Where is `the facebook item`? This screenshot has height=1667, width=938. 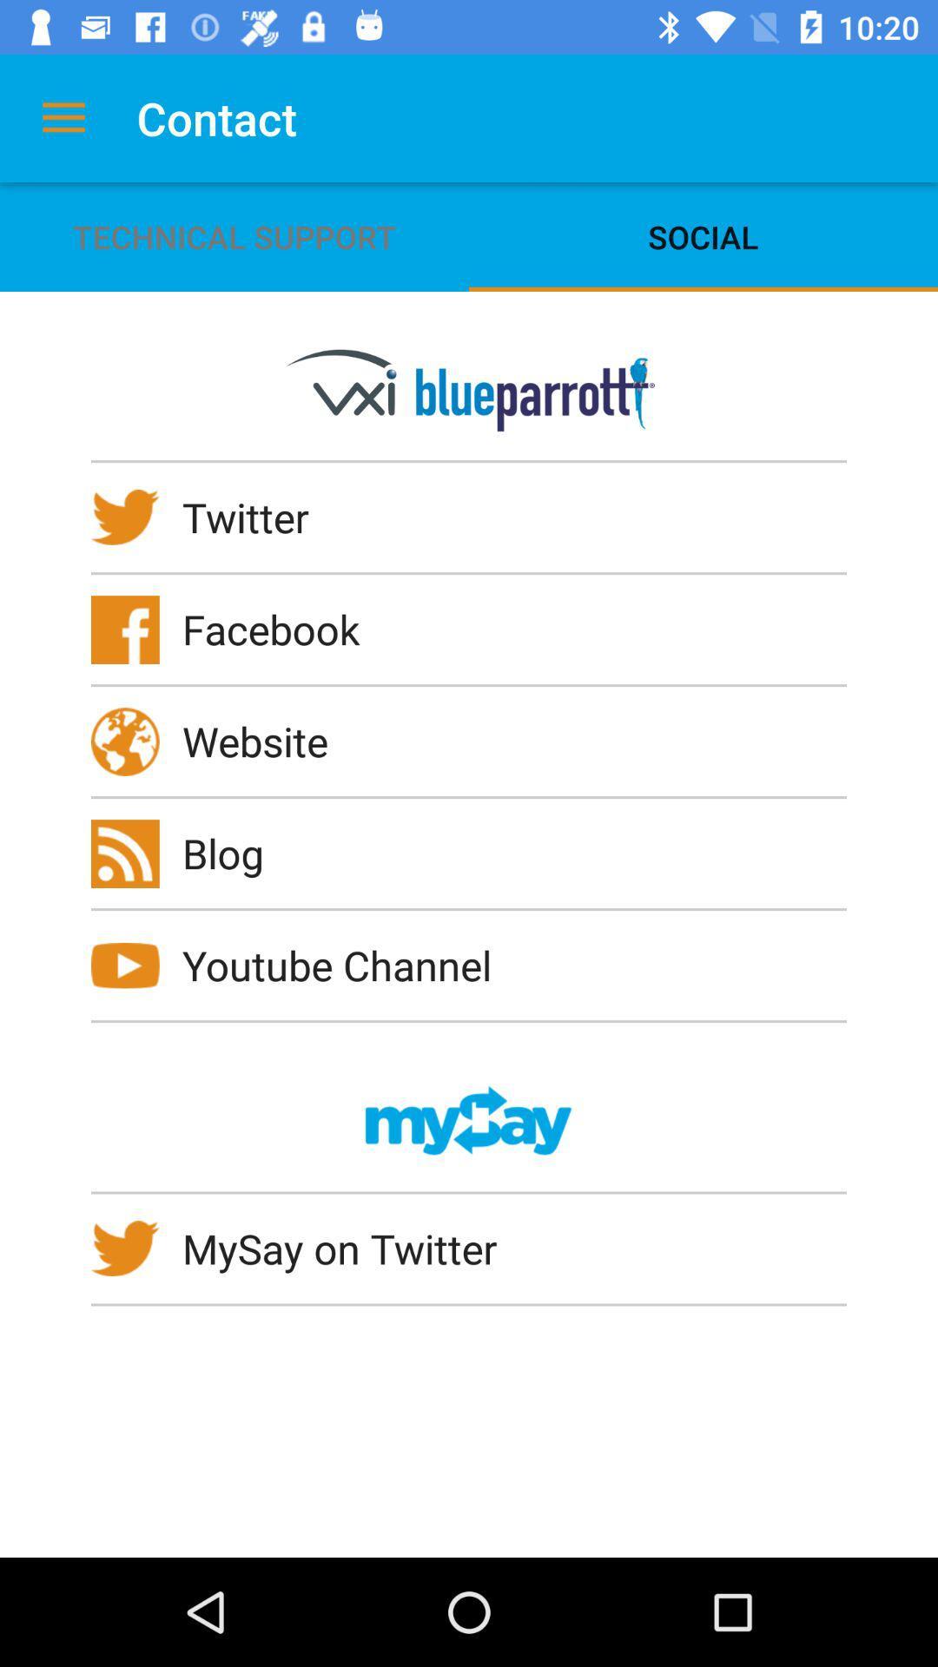
the facebook item is located at coordinates (281, 628).